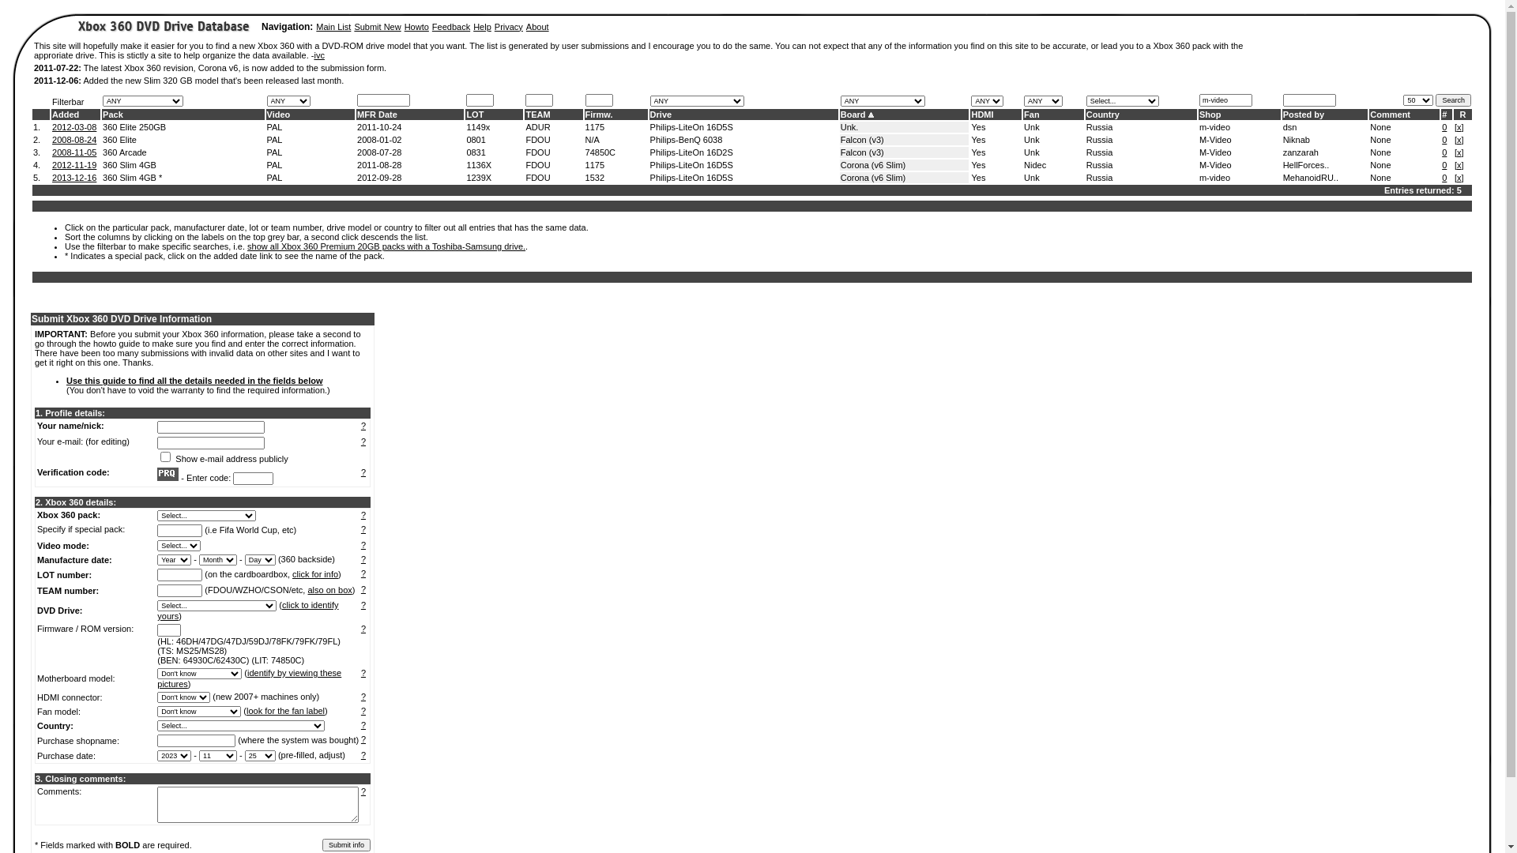 The width and height of the screenshot is (1517, 853). Describe the element at coordinates (853, 114) in the screenshot. I see `'Board'` at that location.